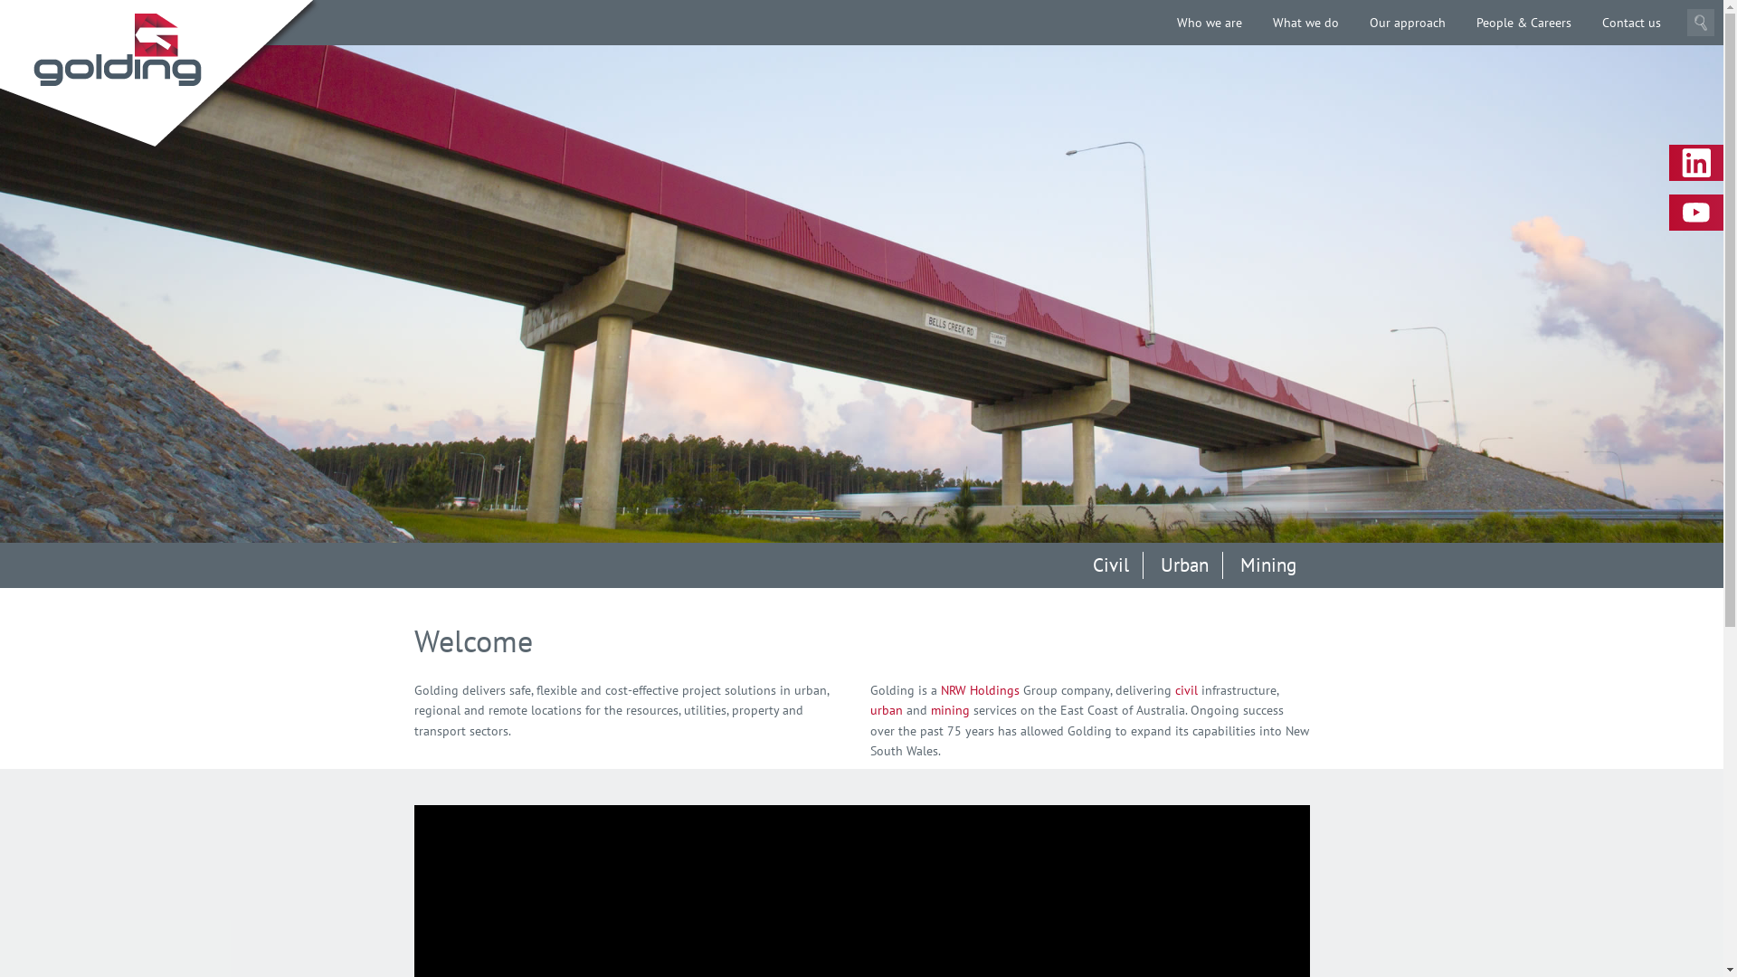  What do you see at coordinates (1700, 22) in the screenshot?
I see `'Search'` at bounding box center [1700, 22].